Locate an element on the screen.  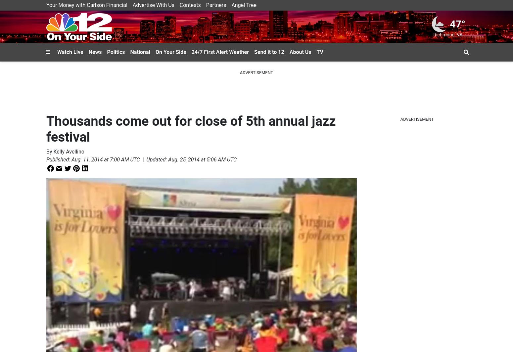
'|' is located at coordinates (143, 159).